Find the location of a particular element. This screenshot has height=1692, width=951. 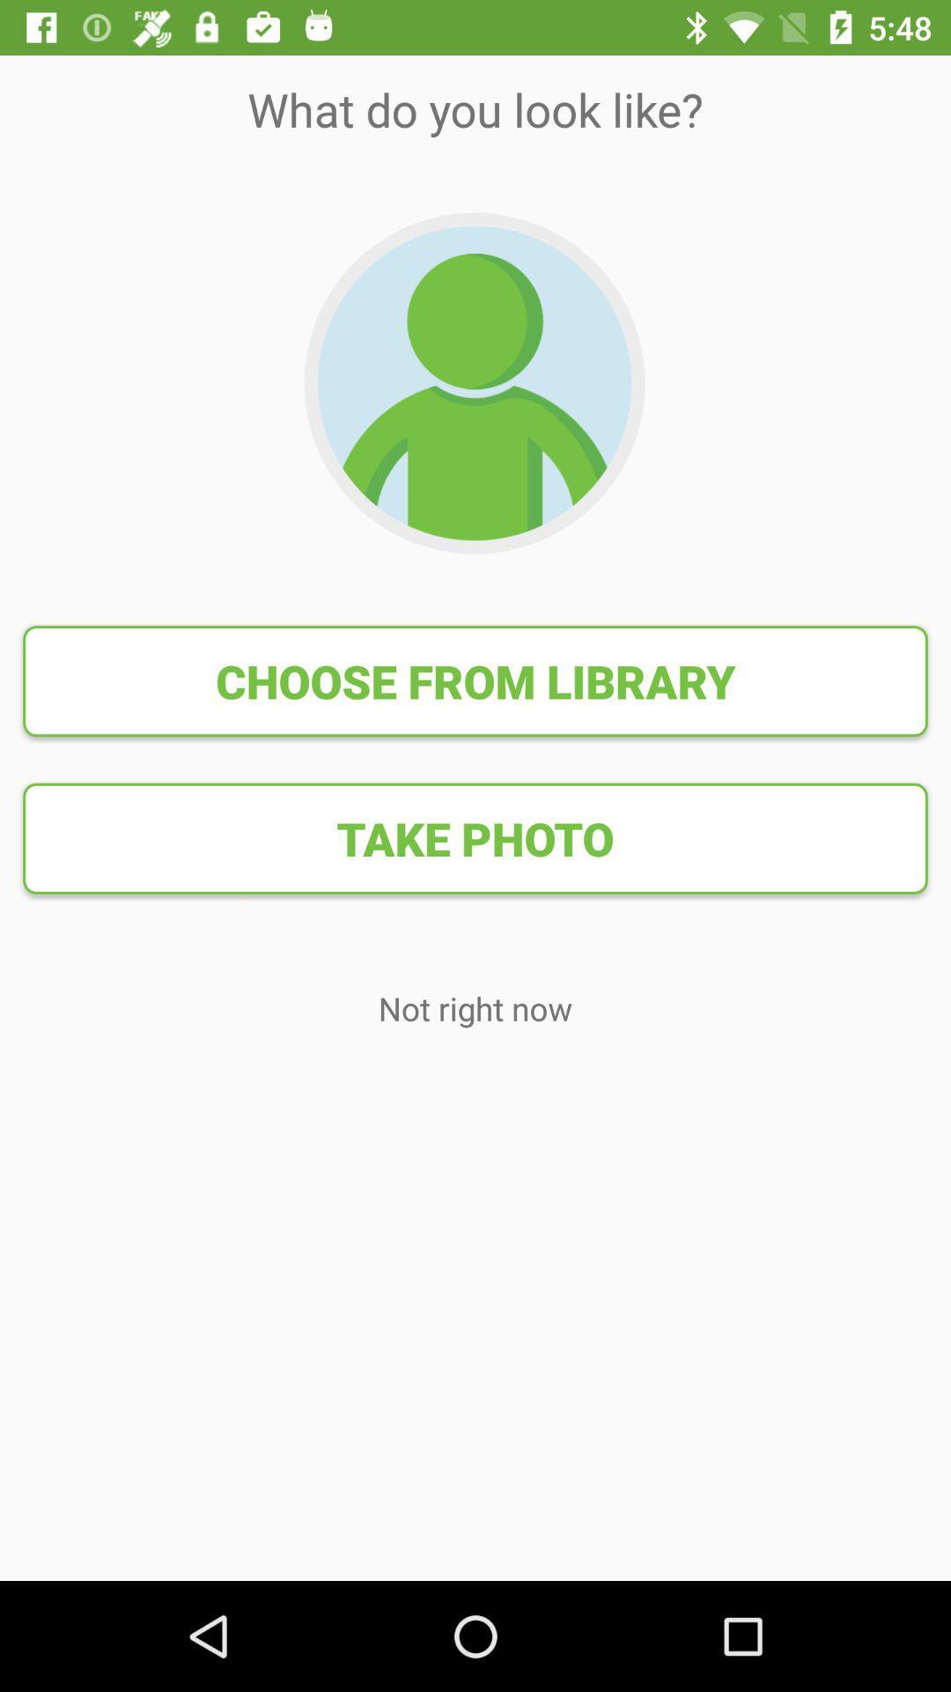

the not right now icon is located at coordinates (475, 1008).